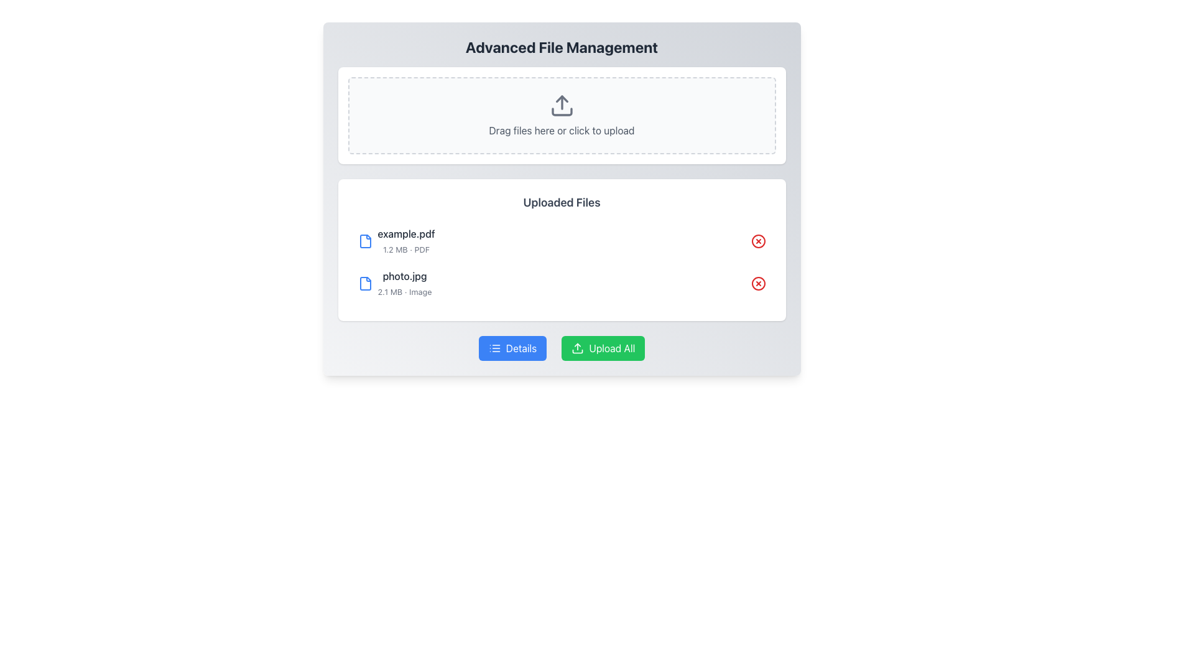 This screenshot has width=1194, height=672. I want to click on the text label displaying 'photo.jpg', which is styled in bold, dark gray font and is the first item in the file listing interface, so click(405, 275).